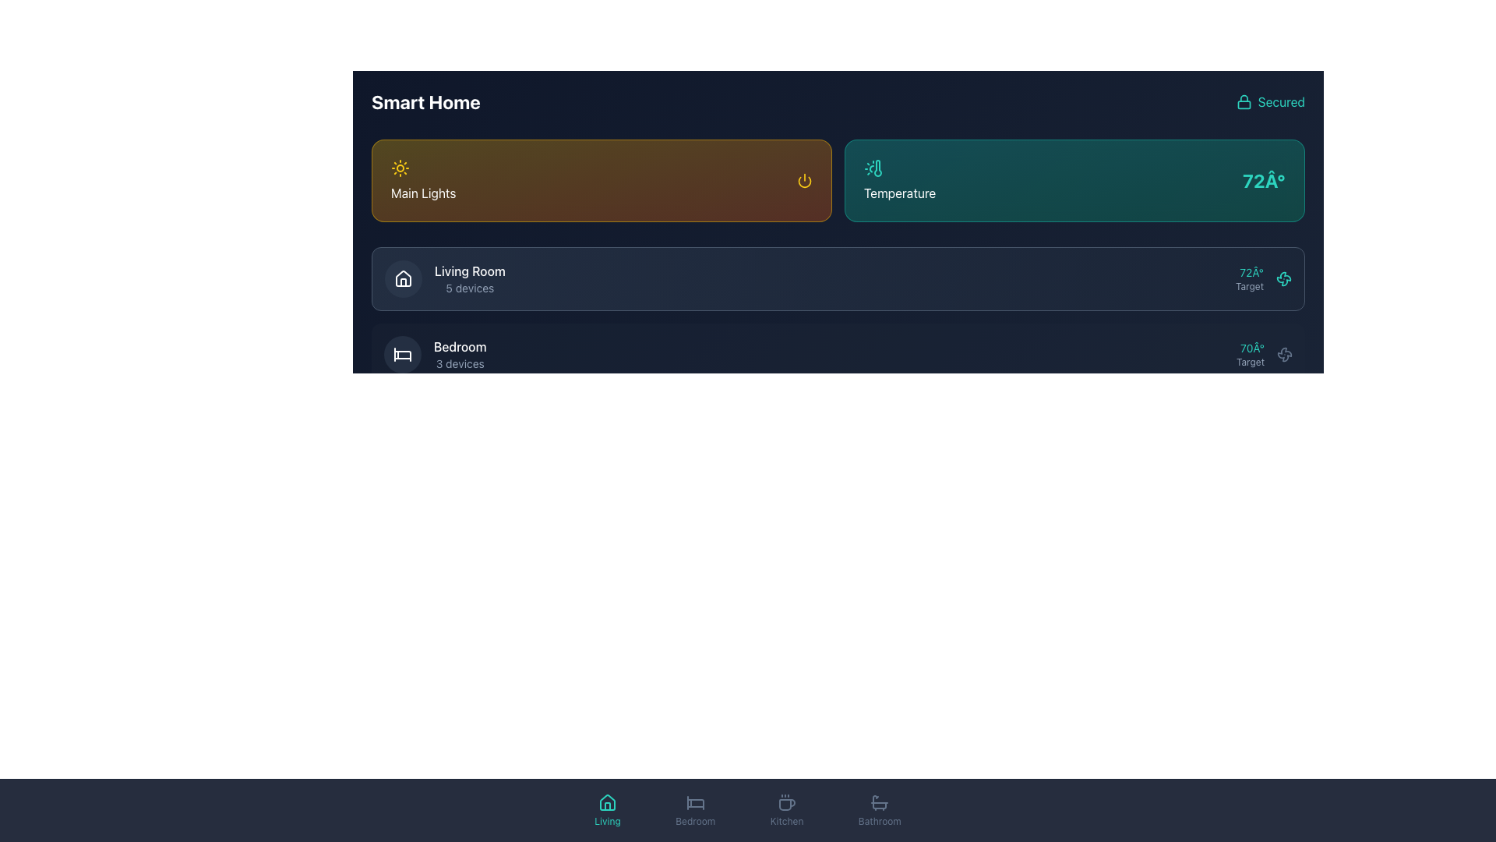 The width and height of the screenshot is (1496, 842). What do you see at coordinates (1251, 355) in the screenshot?
I see `the text label indicating the target temperature for the 'Bedroom' settings located in the lower-right corner of the widget` at bounding box center [1251, 355].